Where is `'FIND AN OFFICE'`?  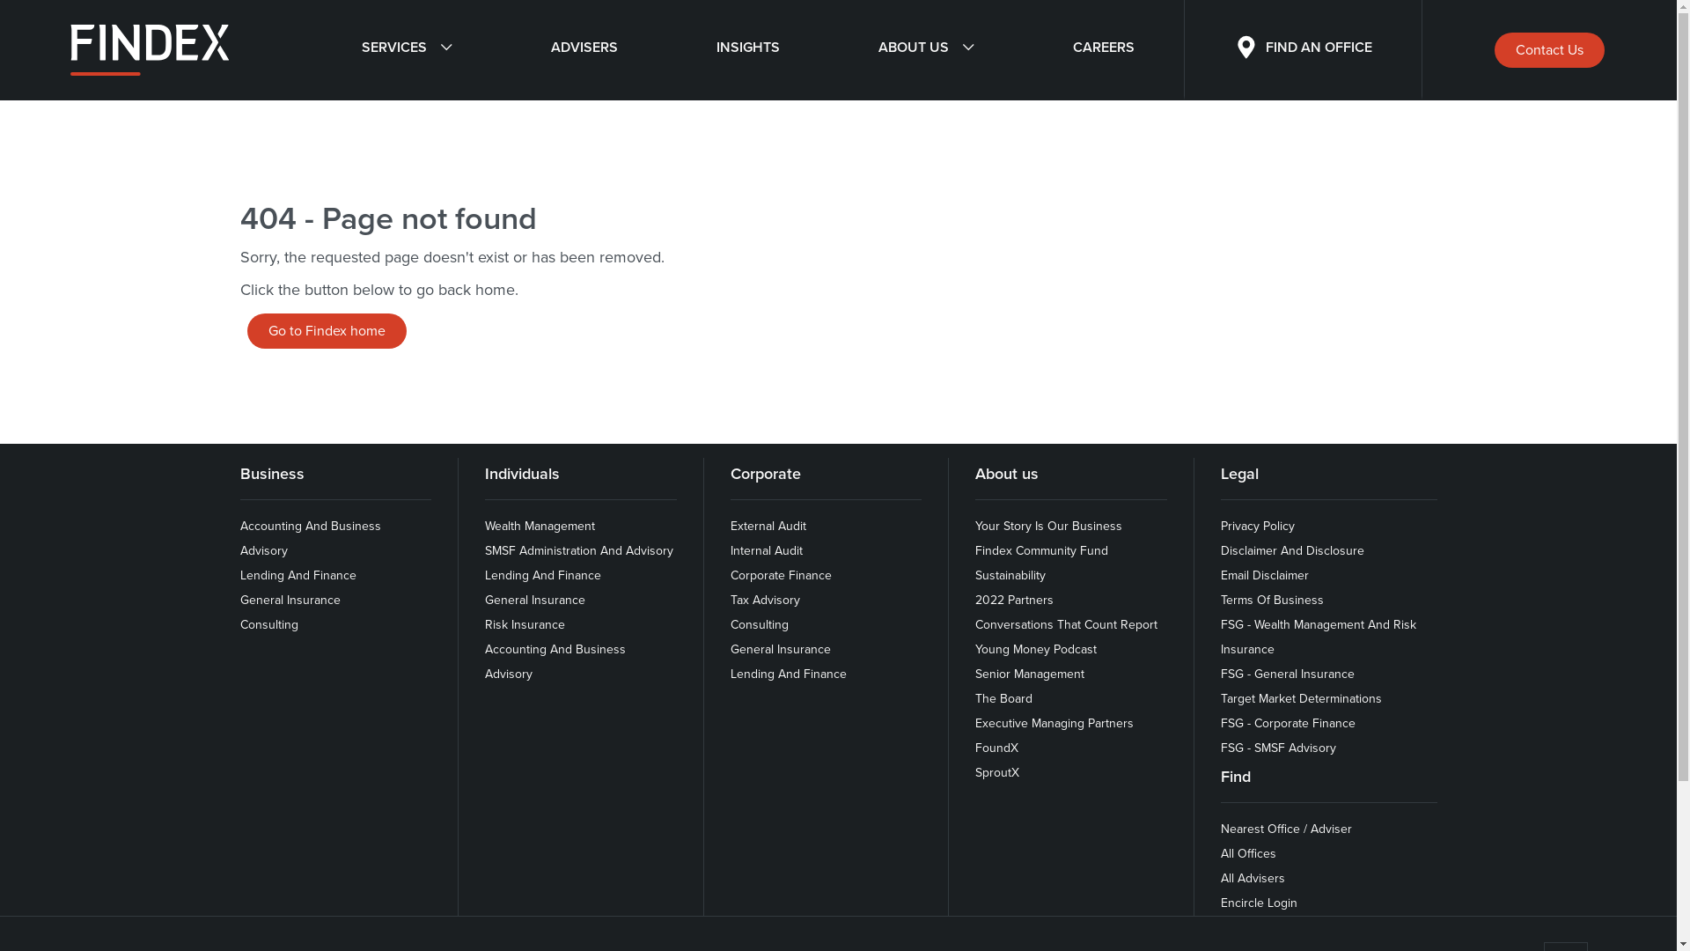
'FIND AN OFFICE' is located at coordinates (1303, 49).